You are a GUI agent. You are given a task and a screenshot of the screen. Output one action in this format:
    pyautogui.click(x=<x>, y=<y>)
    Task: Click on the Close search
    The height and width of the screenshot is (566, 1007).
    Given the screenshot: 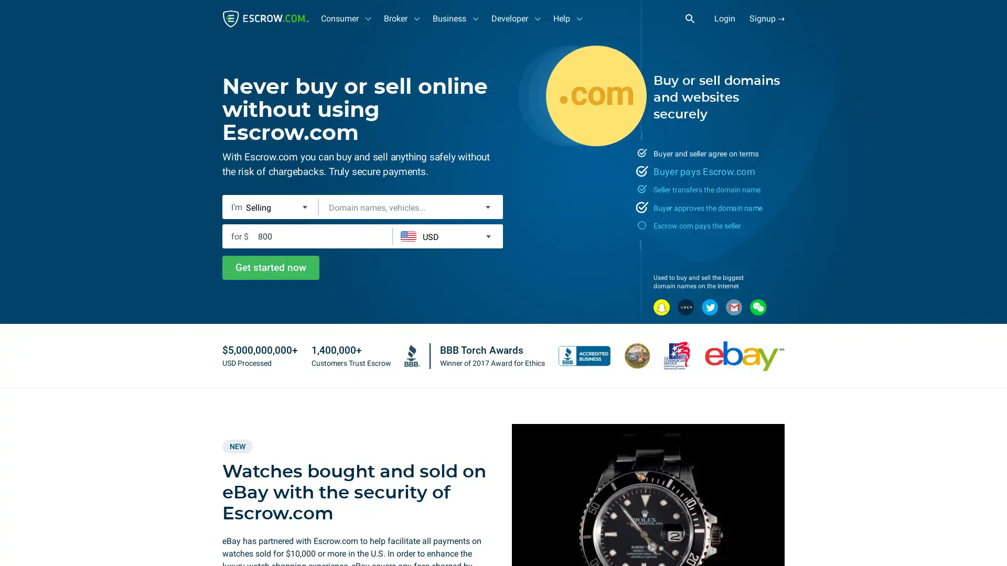 What is the action you would take?
    pyautogui.click(x=695, y=18)
    